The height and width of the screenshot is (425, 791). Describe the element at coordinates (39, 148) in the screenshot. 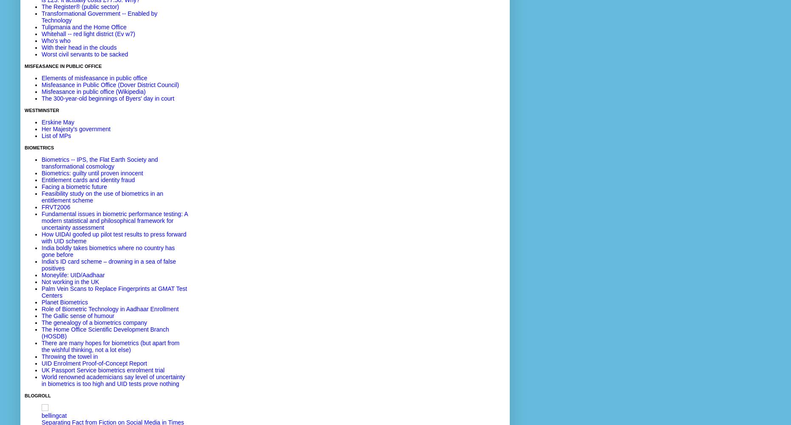

I see `'Biometrics'` at that location.